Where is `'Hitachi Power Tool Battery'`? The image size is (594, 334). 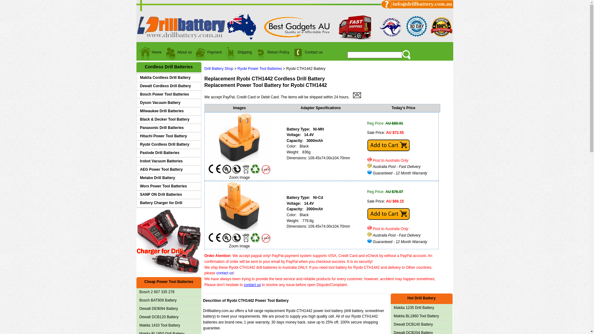
'Hitachi Power Tool Battery' is located at coordinates (136, 136).